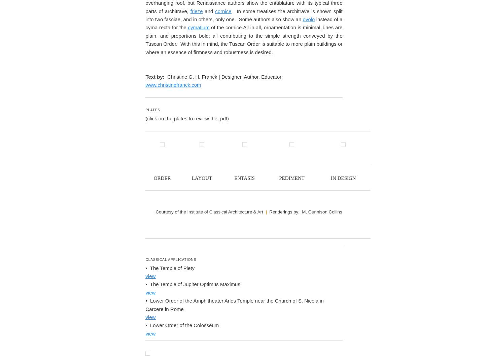 The image size is (488, 356). What do you see at coordinates (166, 280) in the screenshot?
I see `'torus'` at bounding box center [166, 280].